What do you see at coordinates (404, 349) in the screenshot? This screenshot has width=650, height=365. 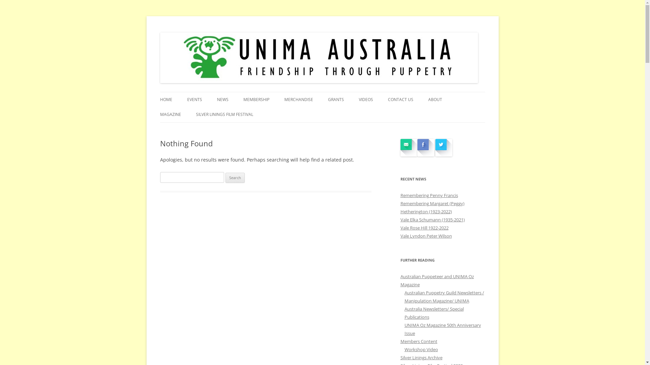 I see `'Workshop Video'` at bounding box center [404, 349].